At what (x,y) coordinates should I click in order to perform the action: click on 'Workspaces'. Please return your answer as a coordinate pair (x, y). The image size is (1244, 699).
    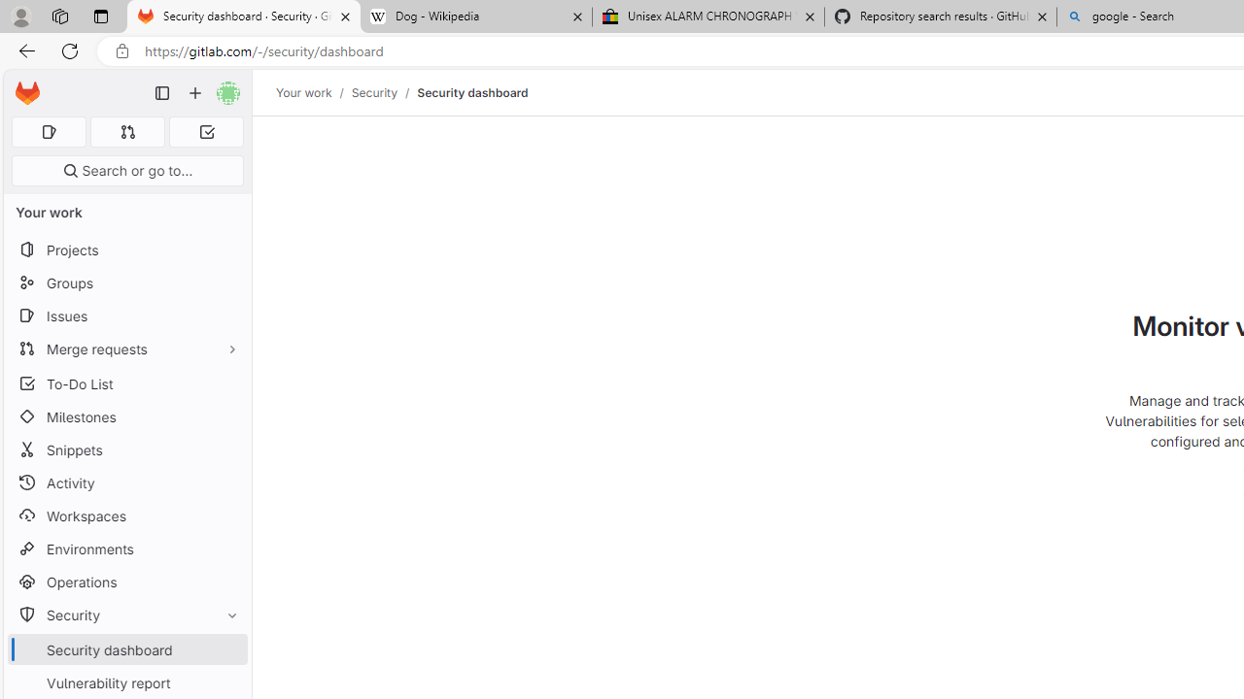
    Looking at the image, I should click on (126, 515).